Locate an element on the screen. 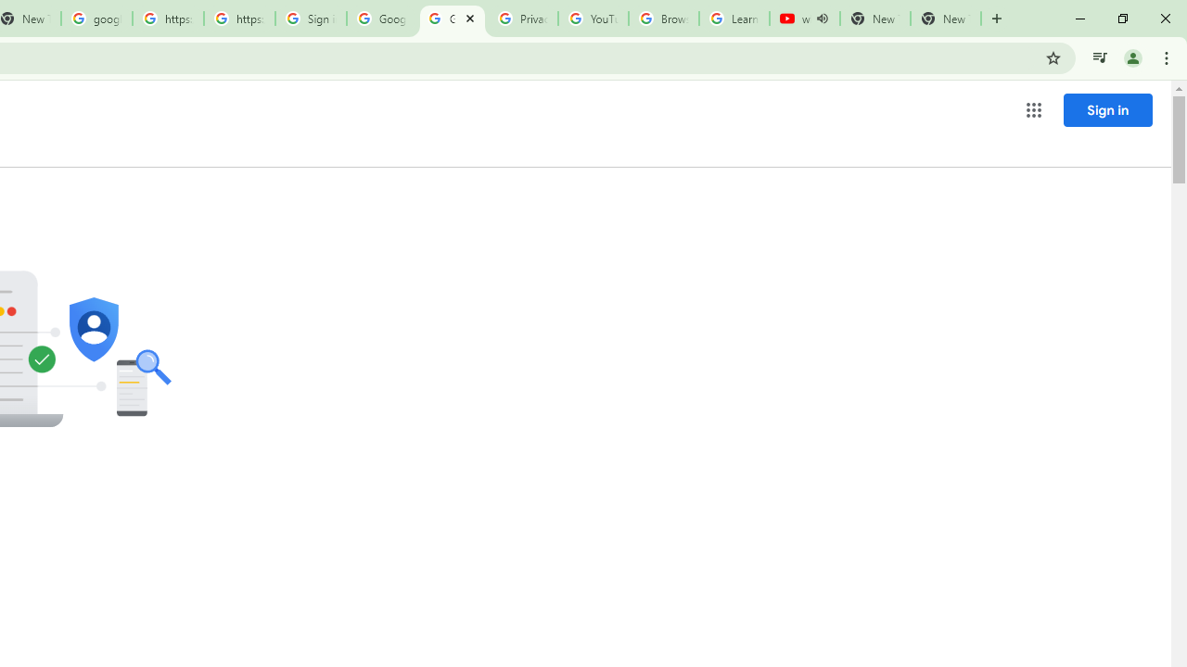  'Browse Chrome as a guest - Computer - Google Chrome Help' is located at coordinates (664, 19).